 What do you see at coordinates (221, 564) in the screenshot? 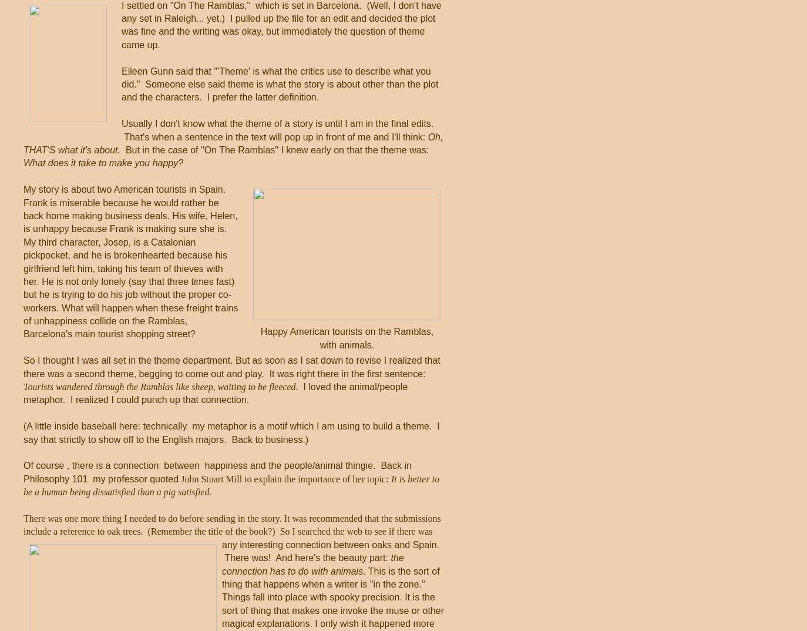
I see `'the connection has to do with animals.'` at bounding box center [221, 564].